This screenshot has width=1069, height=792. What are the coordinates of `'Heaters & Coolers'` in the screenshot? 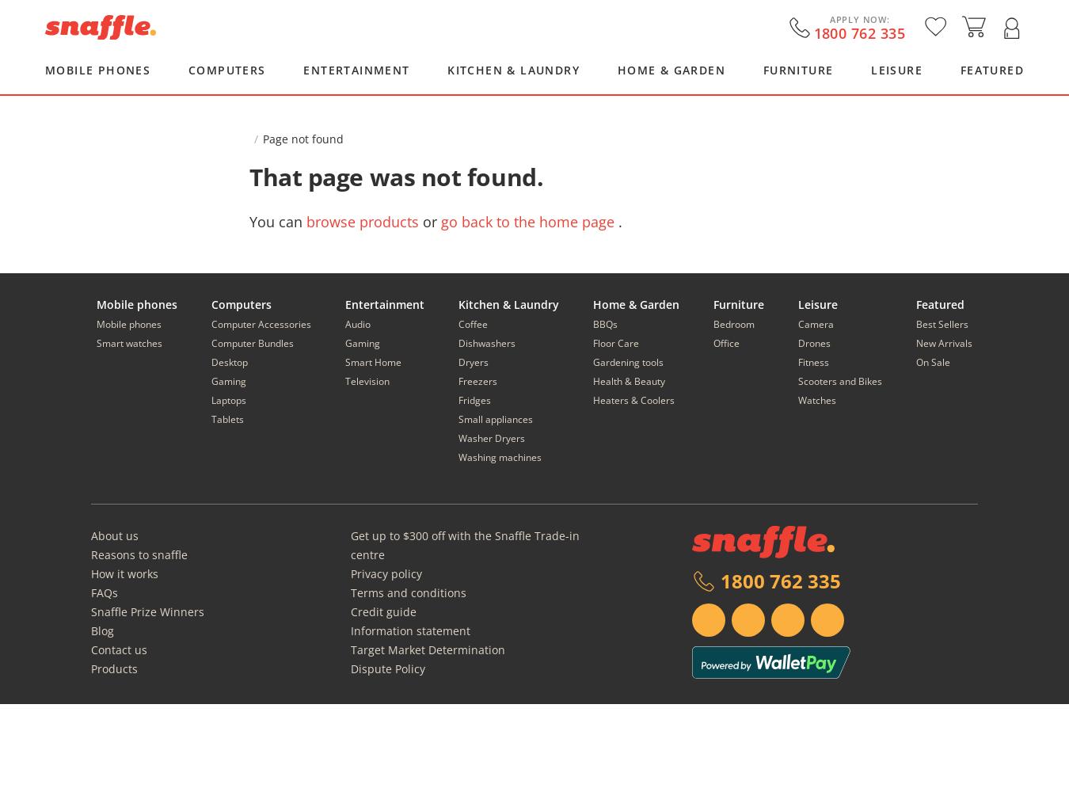 It's located at (633, 400).